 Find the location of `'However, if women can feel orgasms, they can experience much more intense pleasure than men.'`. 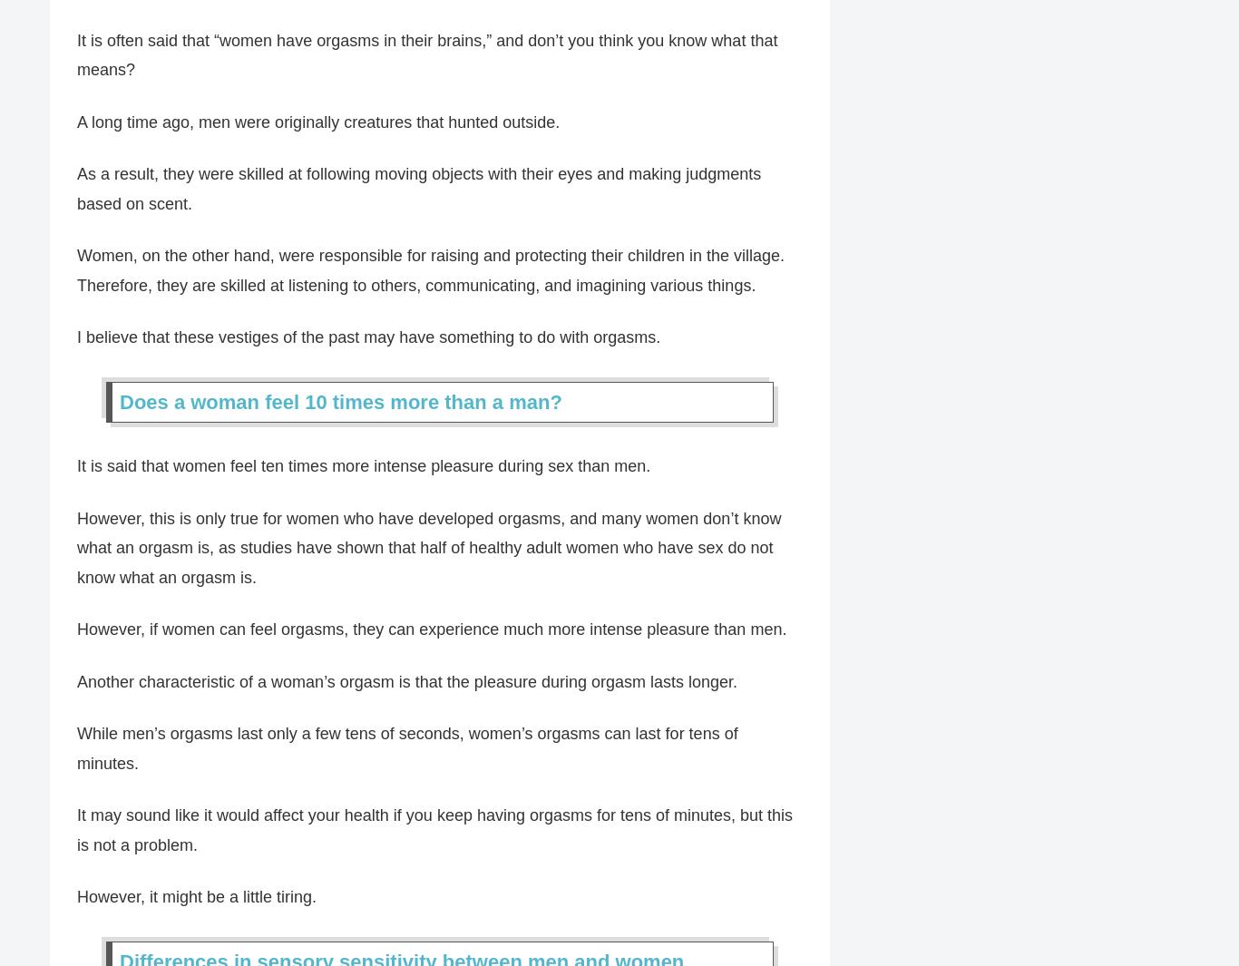

'However, if women can feel orgasms, they can experience much more intense pleasure than men.' is located at coordinates (76, 630).